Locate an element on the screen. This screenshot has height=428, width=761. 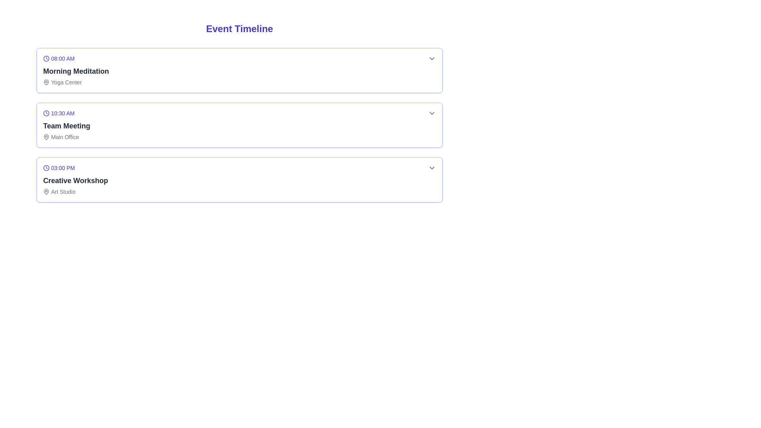
the icon representing the time '08:00 AM' for the associated event, located to the left of the time text in the first event row under the 'Event Timeline' header is located at coordinates (46, 58).